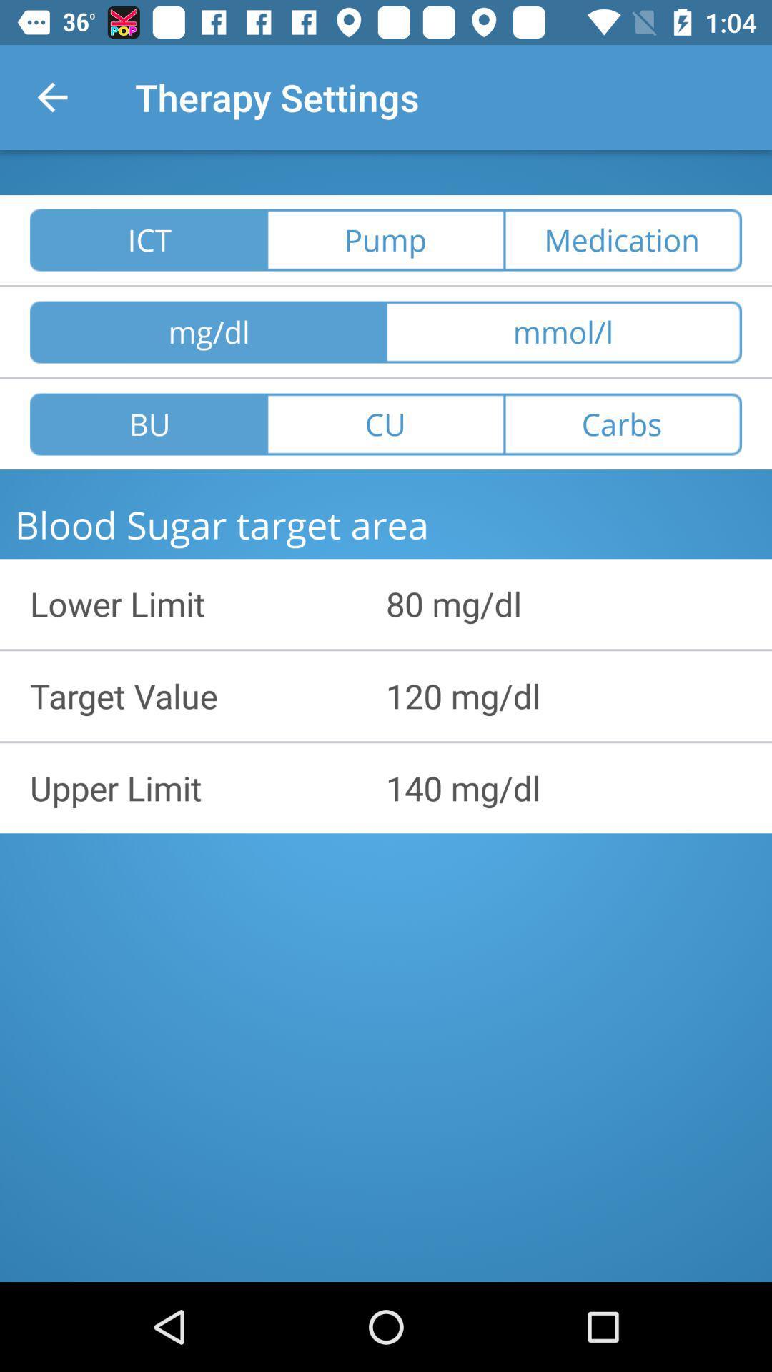 The width and height of the screenshot is (772, 1372). Describe the element at coordinates (148, 424) in the screenshot. I see `bu` at that location.